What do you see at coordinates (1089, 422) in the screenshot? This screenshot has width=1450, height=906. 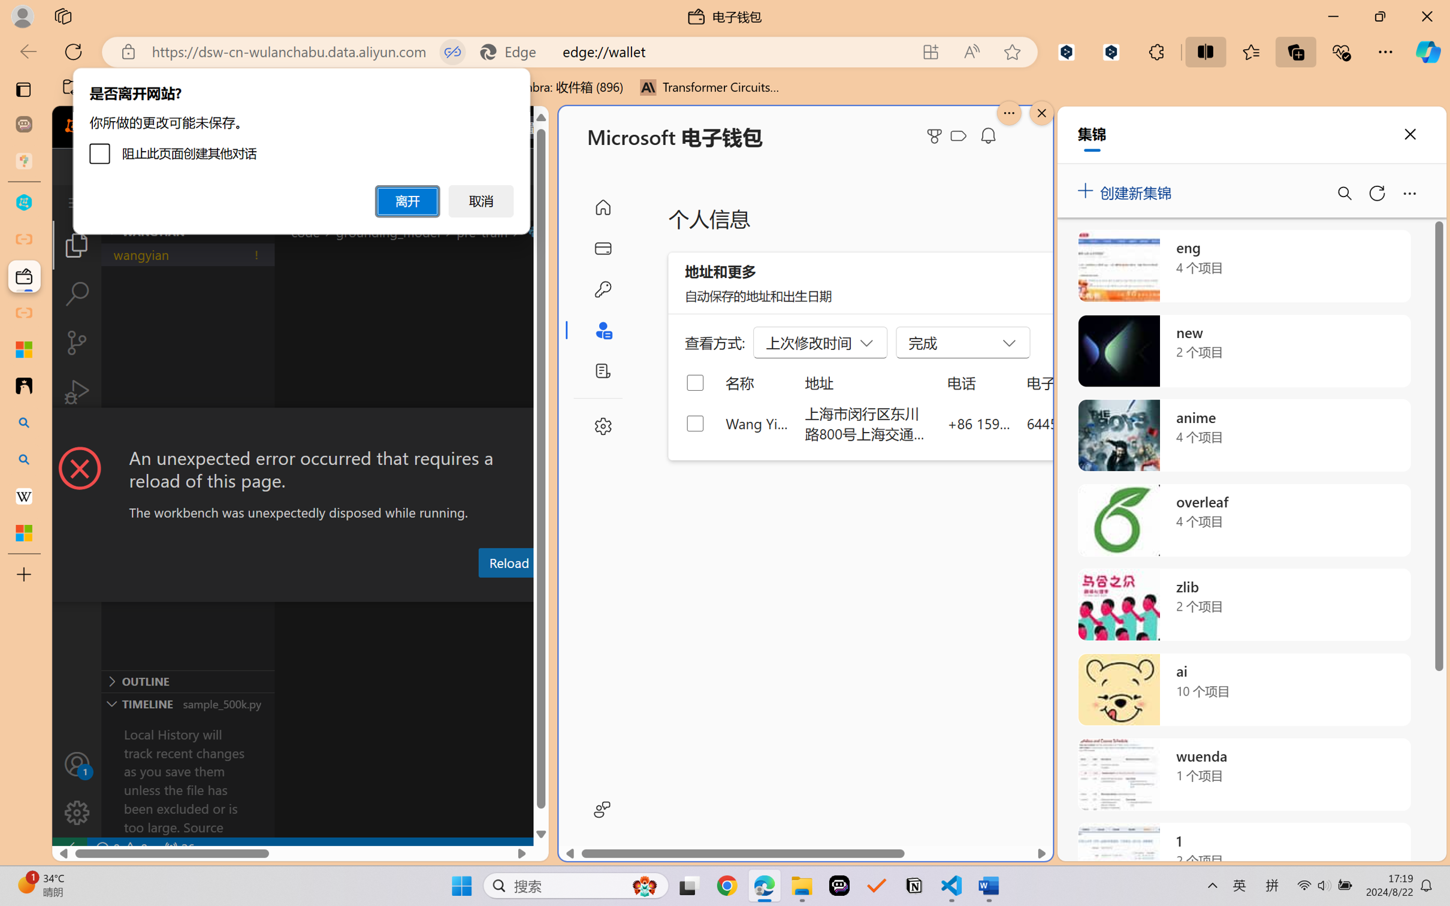 I see `'644553698@qq.com'` at bounding box center [1089, 422].